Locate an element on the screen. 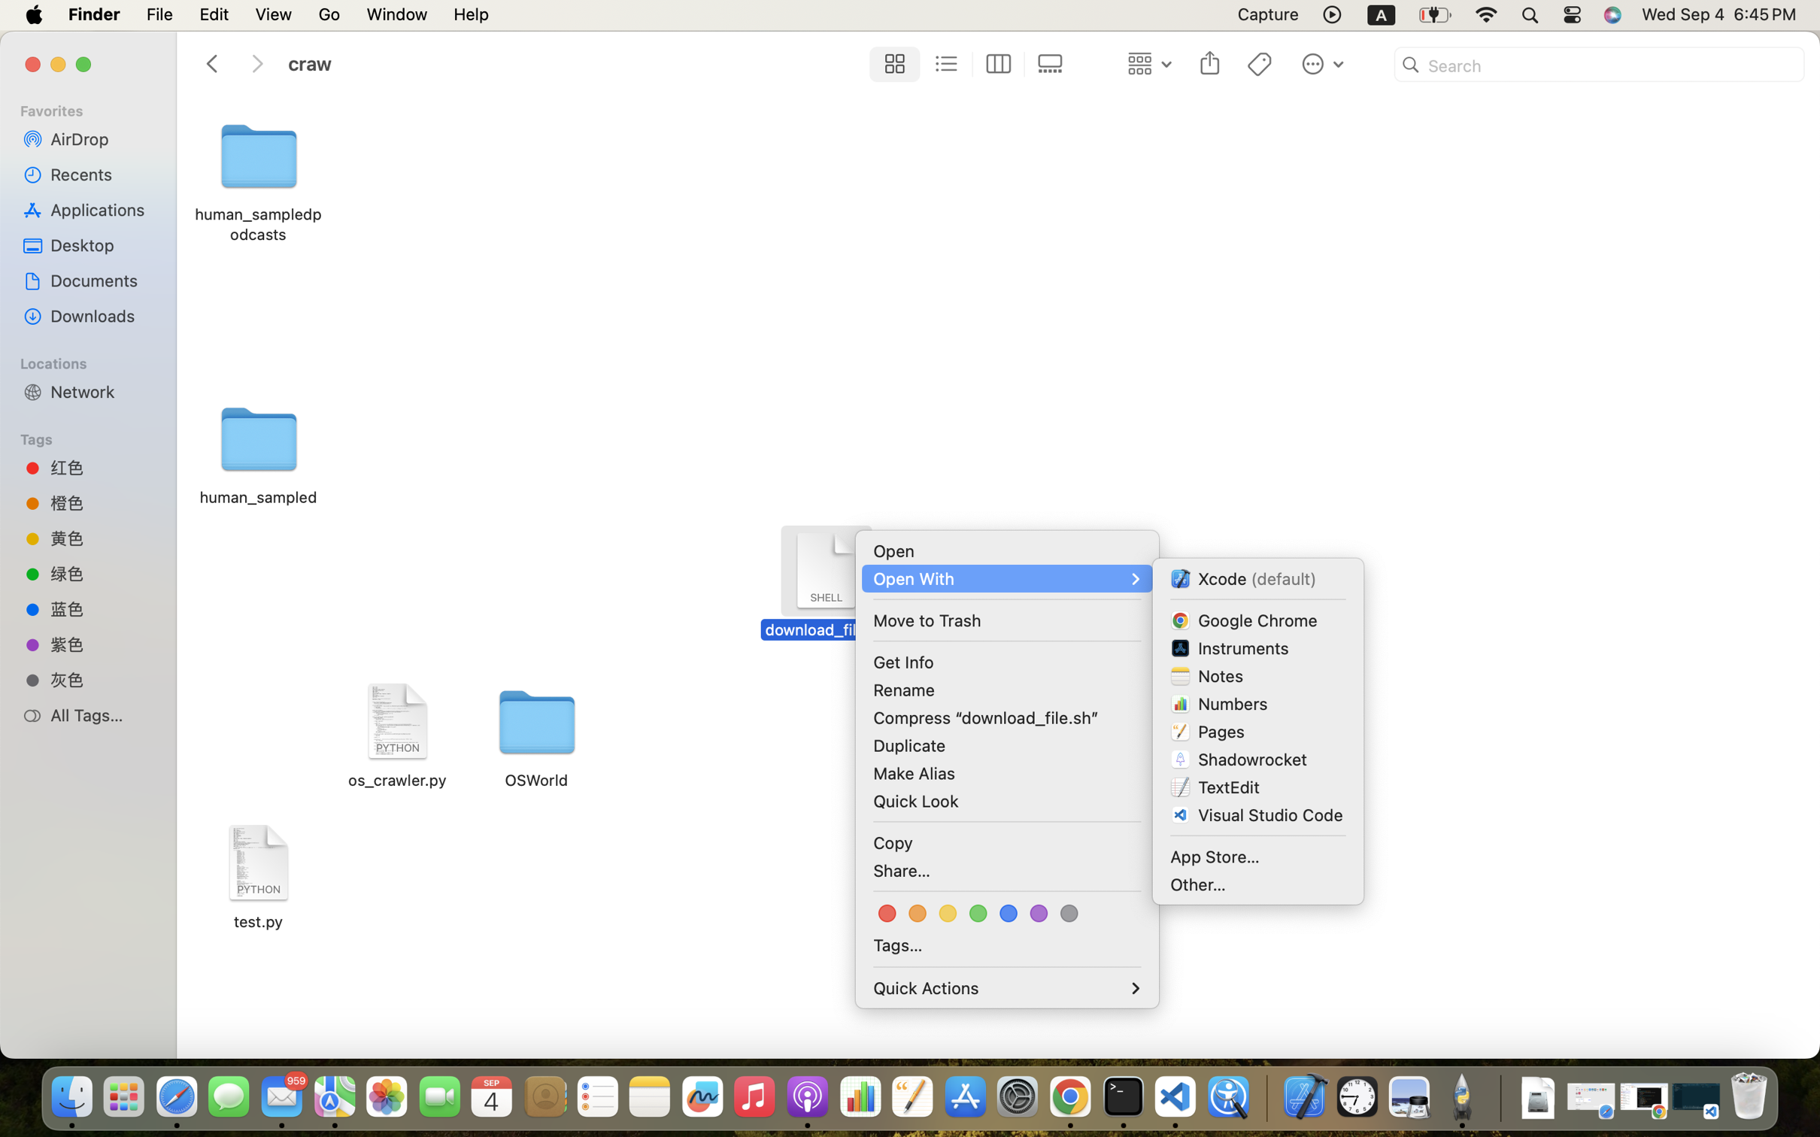 The height and width of the screenshot is (1137, 1820). 'Desktop' is located at coordinates (101, 244).